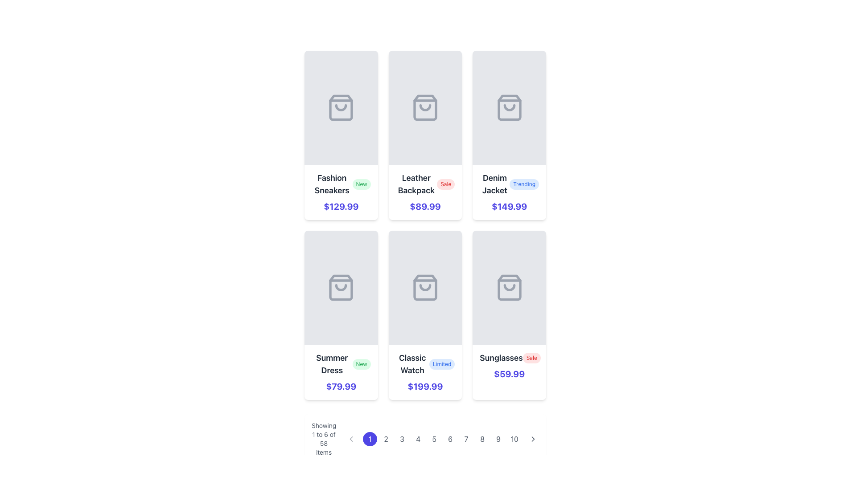  What do you see at coordinates (434, 439) in the screenshot?
I see `the circular button labeled '5' located in the pagination section` at bounding box center [434, 439].